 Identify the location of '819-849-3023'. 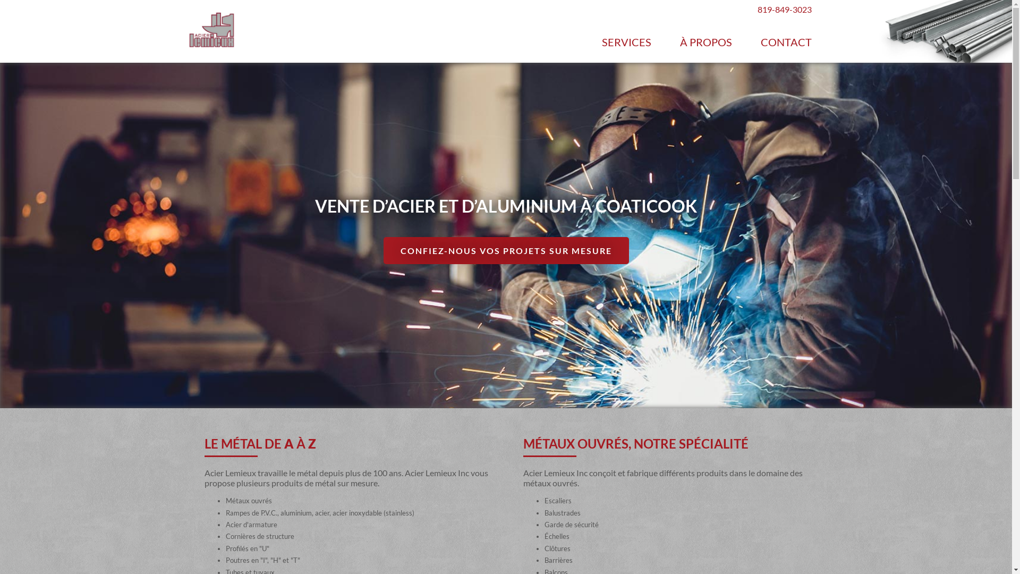
(785, 9).